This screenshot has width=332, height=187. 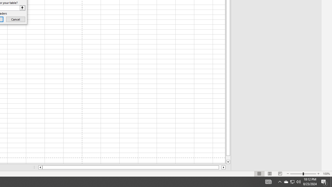 I want to click on 'Line down', so click(x=228, y=162).